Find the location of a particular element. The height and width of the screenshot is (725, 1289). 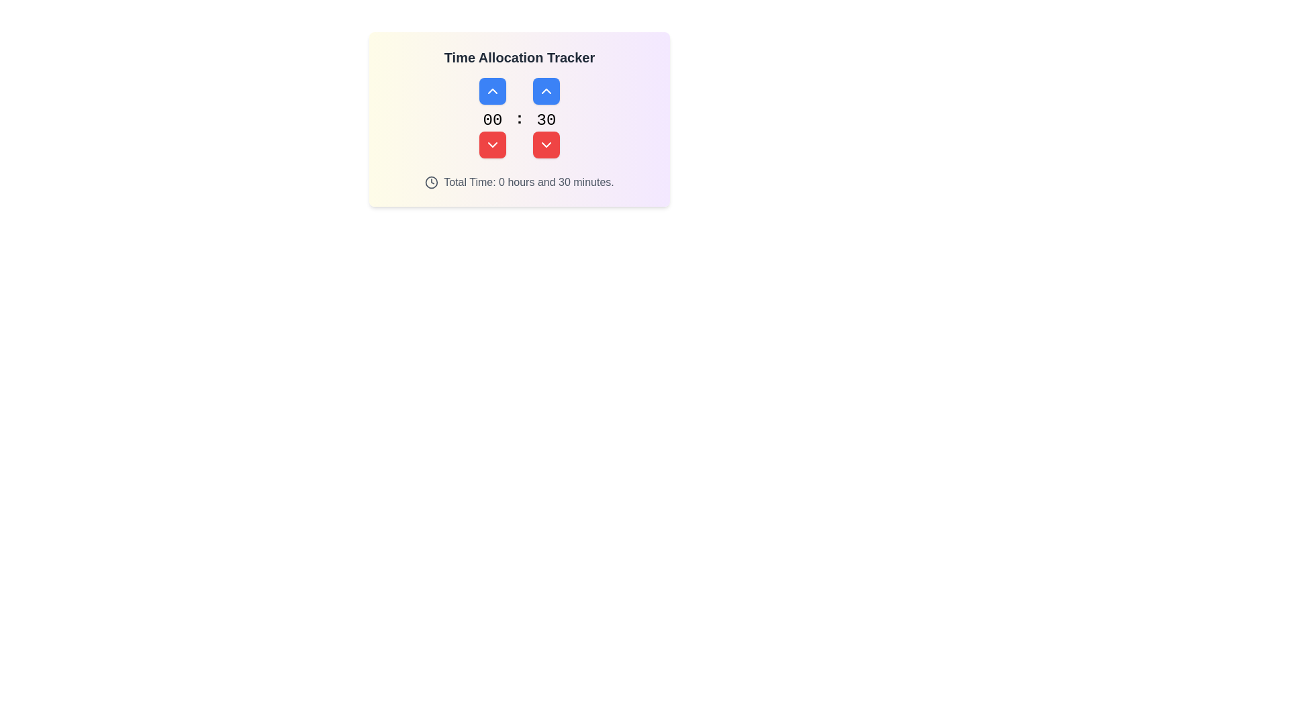

the text display that reads 'Total Time: 0 hours and 30 minutes.' which is centered below the time controls and aligned with a clock icon is located at coordinates (528, 183).